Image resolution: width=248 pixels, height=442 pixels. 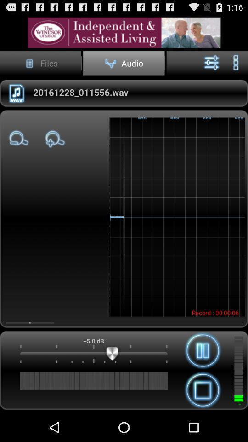 I want to click on the zoom_out icon, so click(x=18, y=150).